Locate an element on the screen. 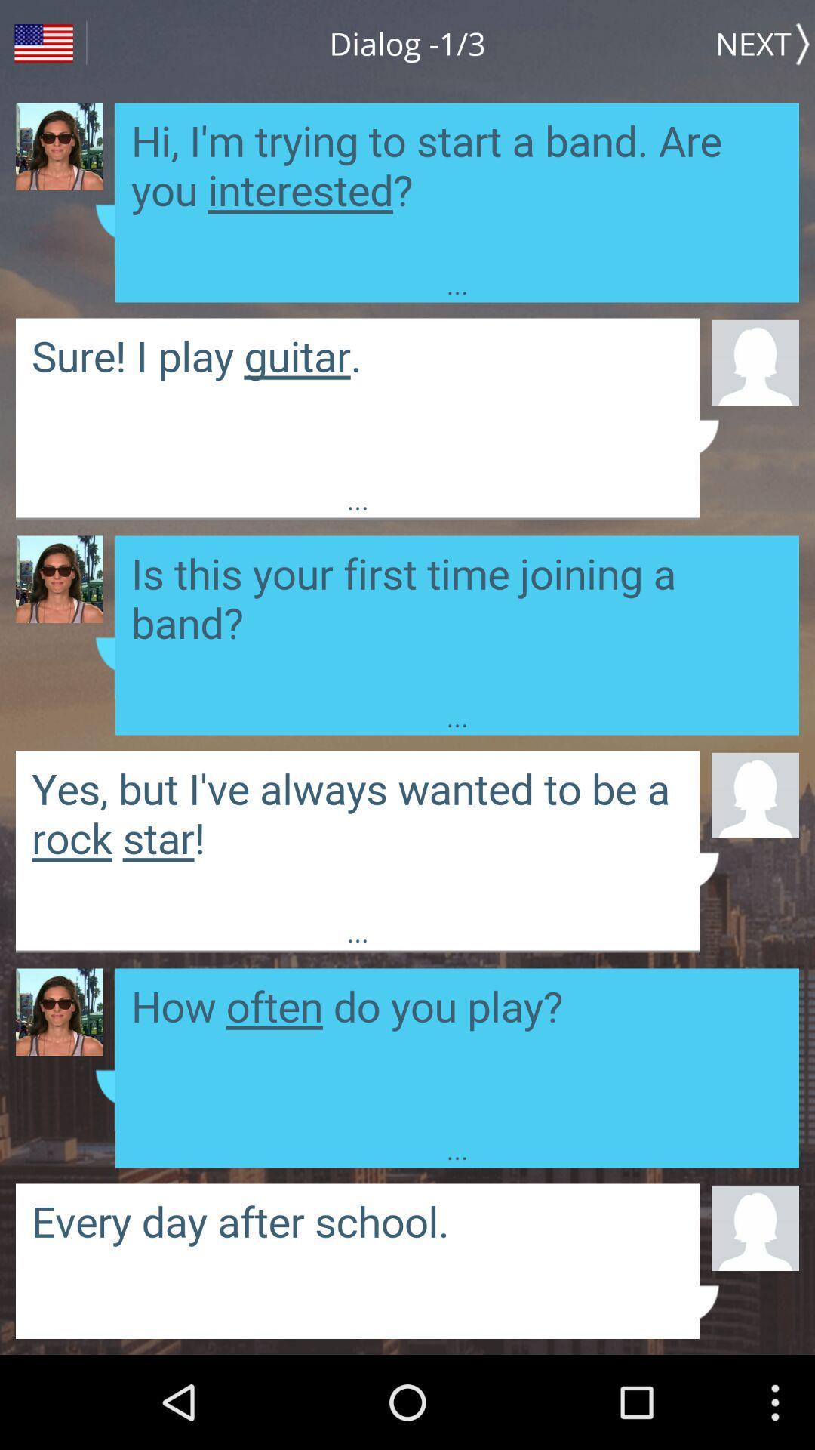 This screenshot has height=1450, width=815. message area is located at coordinates (358, 831).